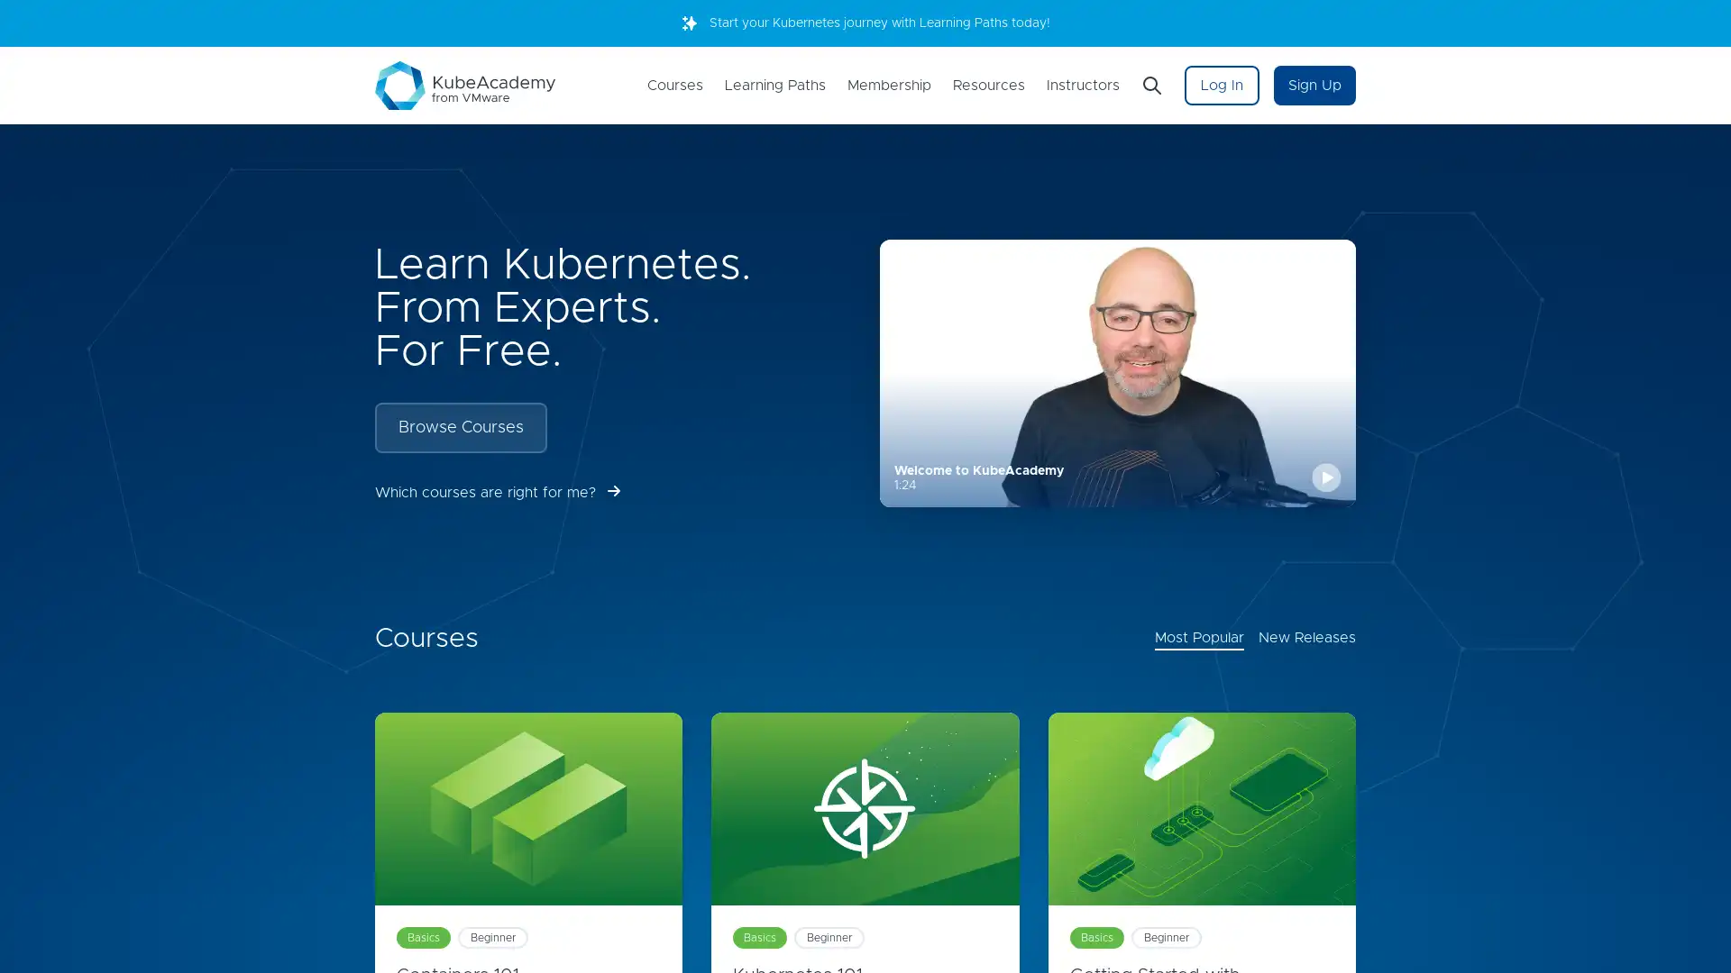  What do you see at coordinates (1199, 638) in the screenshot?
I see `Most Popular` at bounding box center [1199, 638].